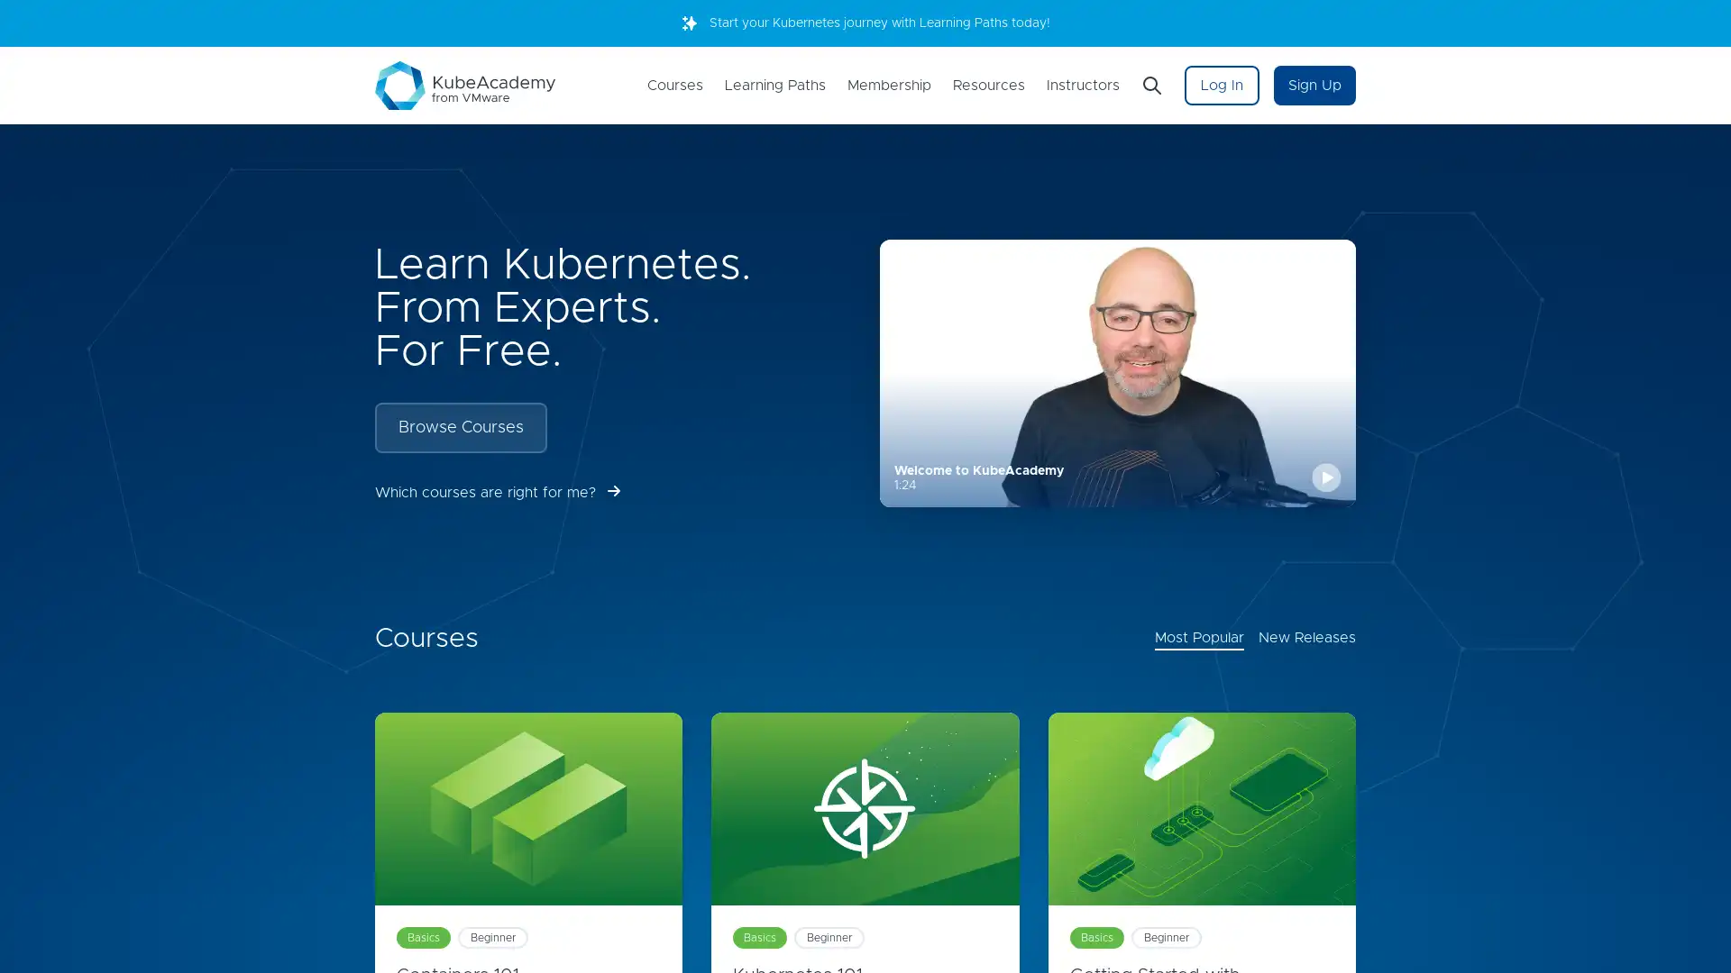  What do you see at coordinates (1199, 638) in the screenshot?
I see `Most Popular` at bounding box center [1199, 638].